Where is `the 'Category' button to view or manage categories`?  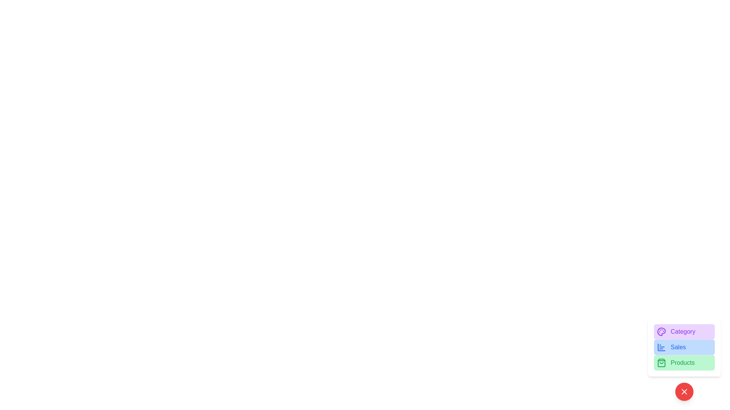
the 'Category' button to view or manage categories is located at coordinates (684, 331).